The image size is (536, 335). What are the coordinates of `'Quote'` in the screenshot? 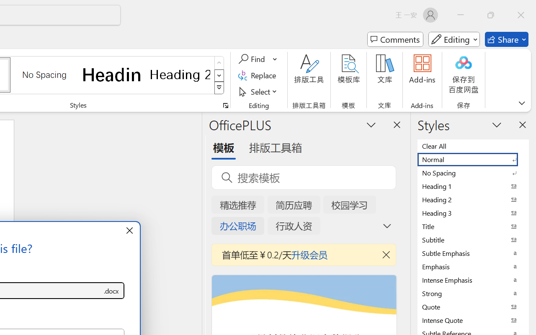 It's located at (473, 306).